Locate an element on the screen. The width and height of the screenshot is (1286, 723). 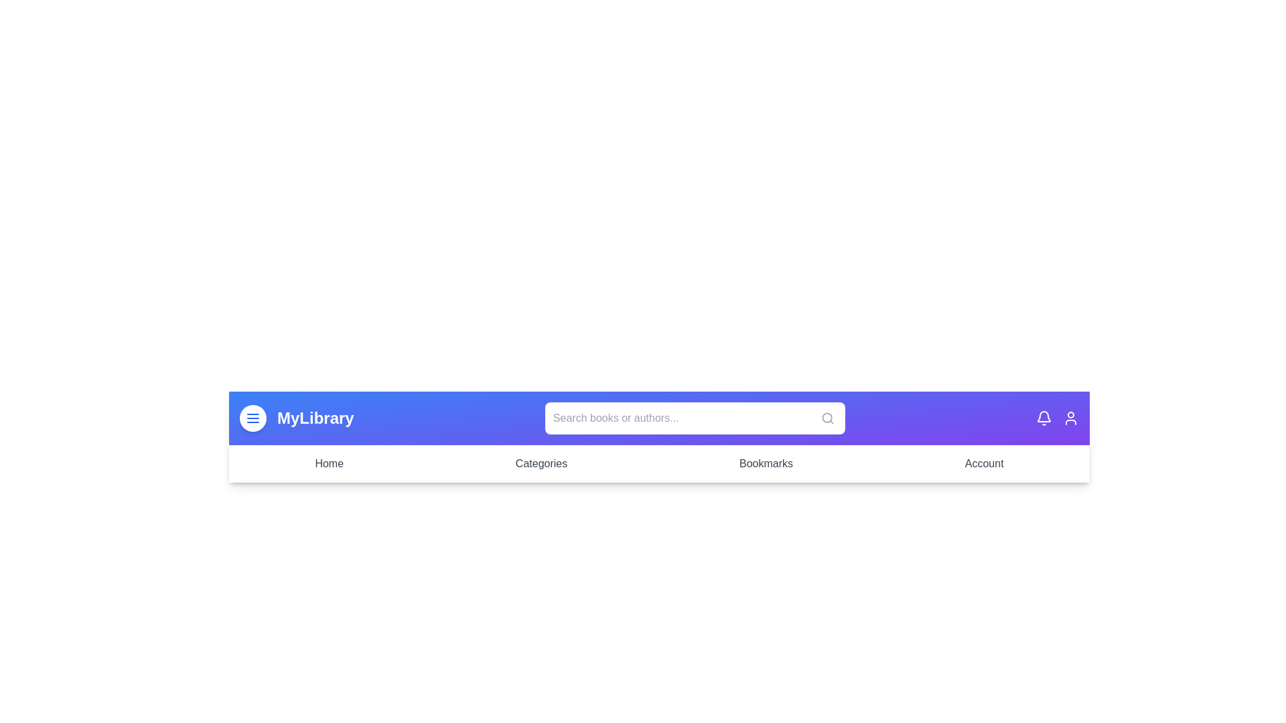
the user profile icon is located at coordinates (1070, 417).